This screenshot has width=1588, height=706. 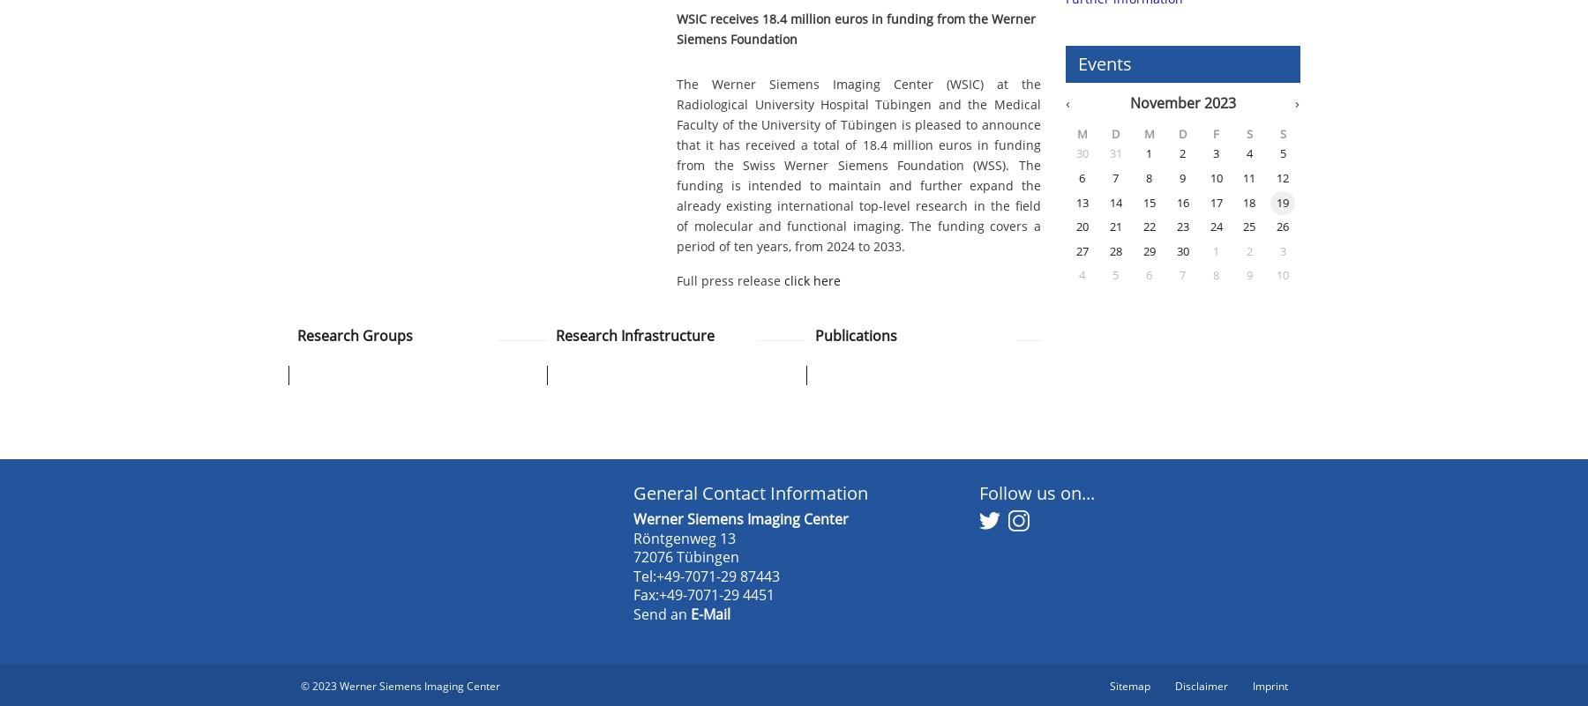 I want to click on 'Send an', so click(x=661, y=612).